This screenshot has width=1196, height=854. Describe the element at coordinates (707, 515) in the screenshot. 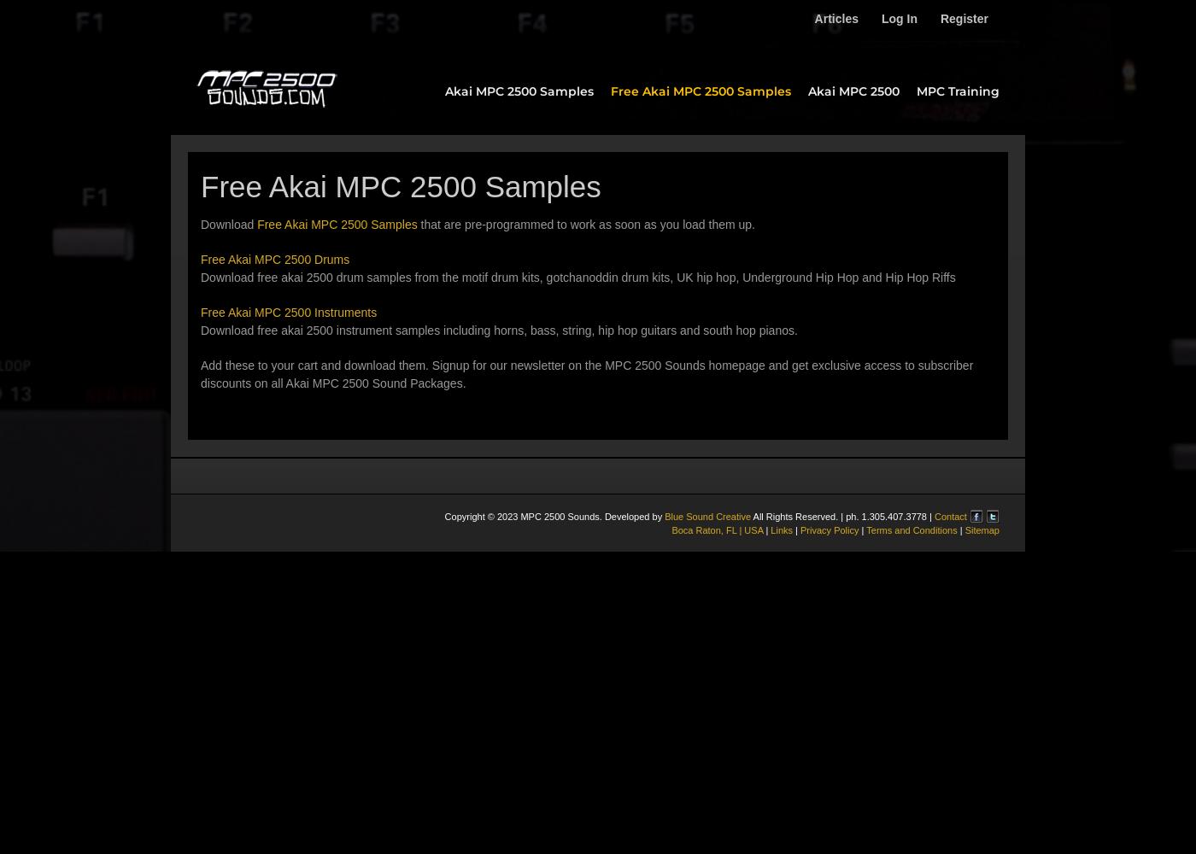

I see `'Blue Sound Creative'` at that location.